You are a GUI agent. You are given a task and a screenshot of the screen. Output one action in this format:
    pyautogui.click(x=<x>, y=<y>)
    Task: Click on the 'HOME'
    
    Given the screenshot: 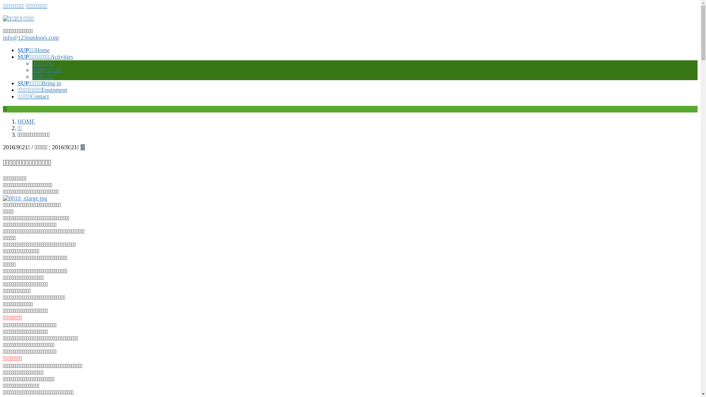 What is the action you would take?
    pyautogui.click(x=18, y=121)
    